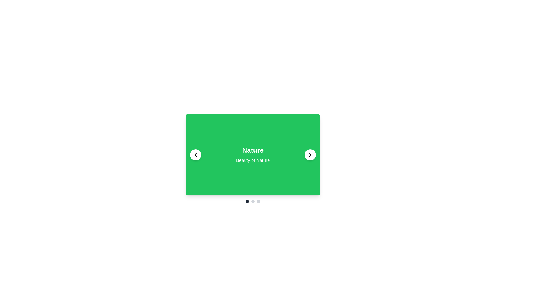 This screenshot has height=303, width=539. Describe the element at coordinates (258, 201) in the screenshot. I see `the third Carousel navigation dot, which is a small light gray circle located below the center-aligned green rectangular area` at that location.